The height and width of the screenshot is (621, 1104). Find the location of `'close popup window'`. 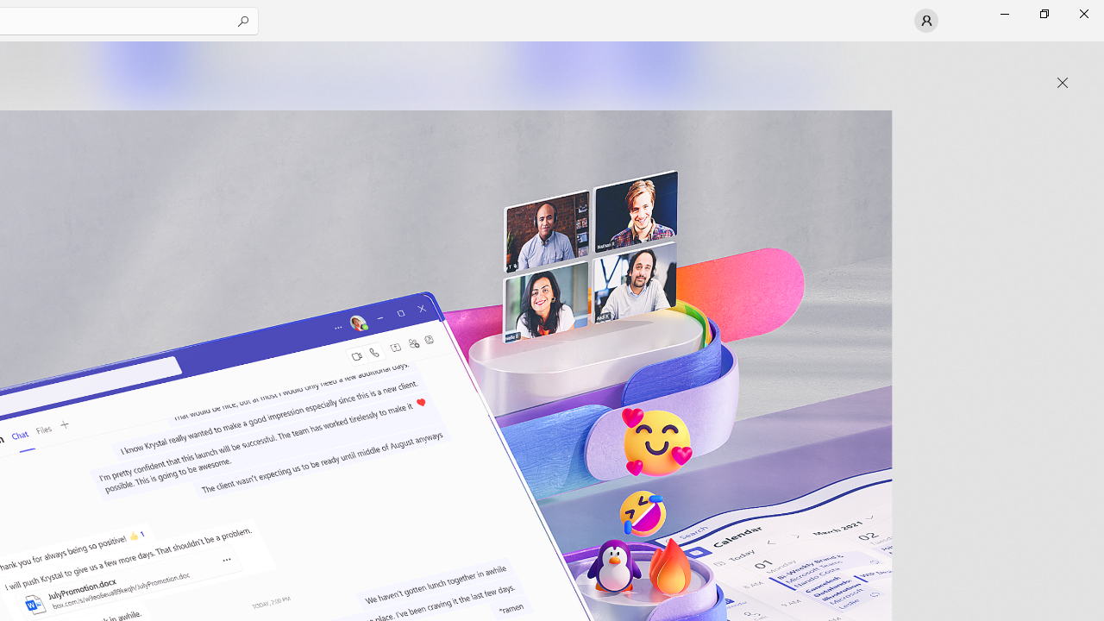

'close popup window' is located at coordinates (1062, 83).